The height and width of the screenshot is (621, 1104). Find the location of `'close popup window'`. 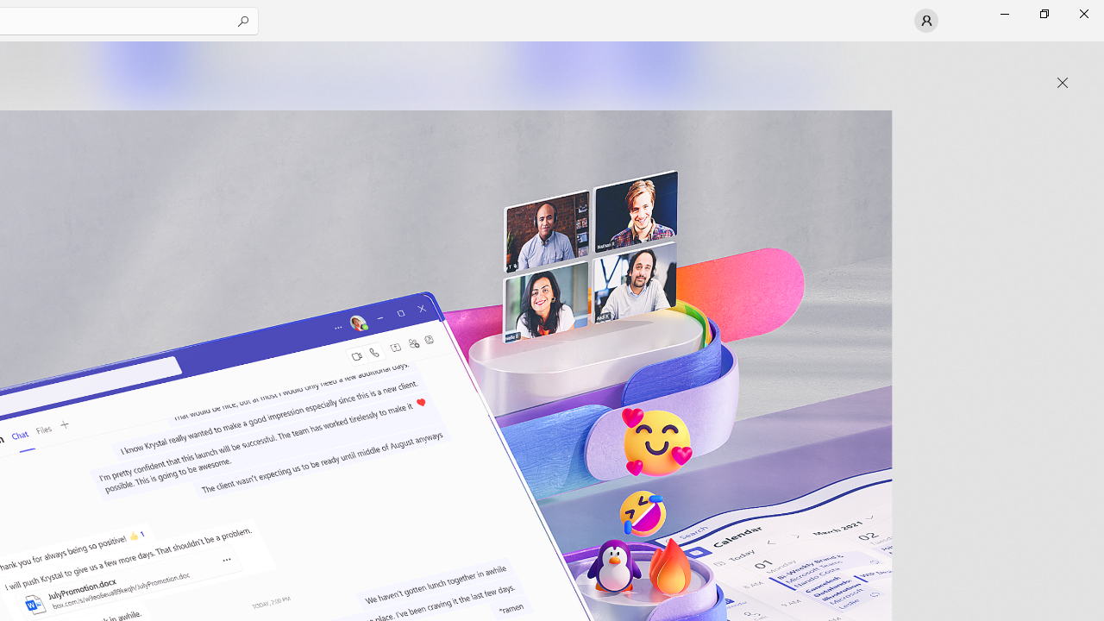

'close popup window' is located at coordinates (1062, 83).